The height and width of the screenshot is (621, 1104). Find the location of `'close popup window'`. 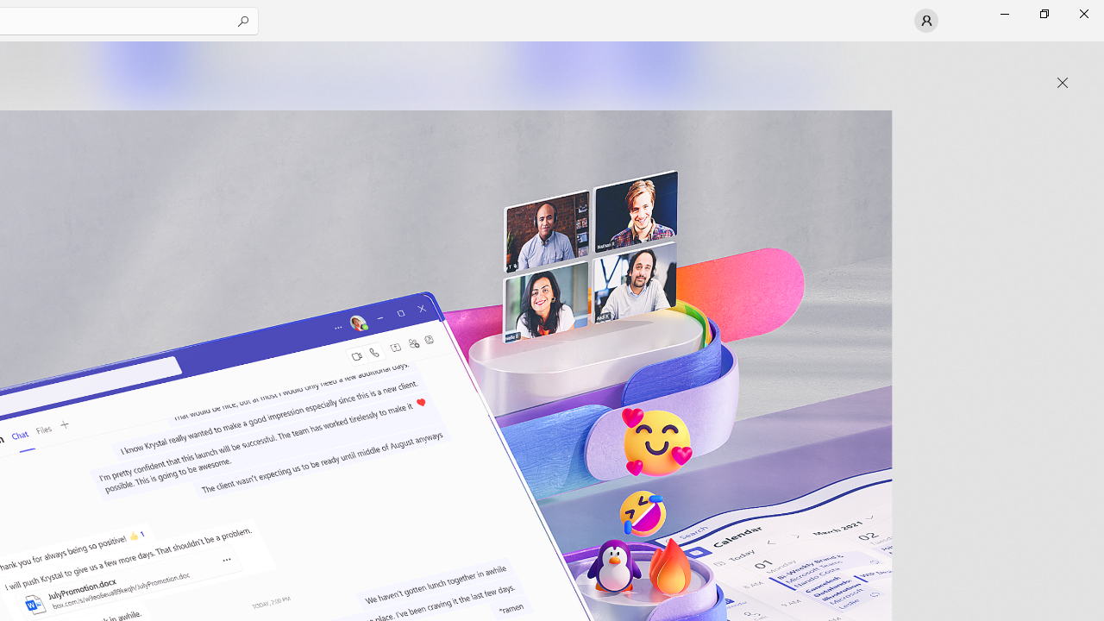

'close popup window' is located at coordinates (1062, 83).